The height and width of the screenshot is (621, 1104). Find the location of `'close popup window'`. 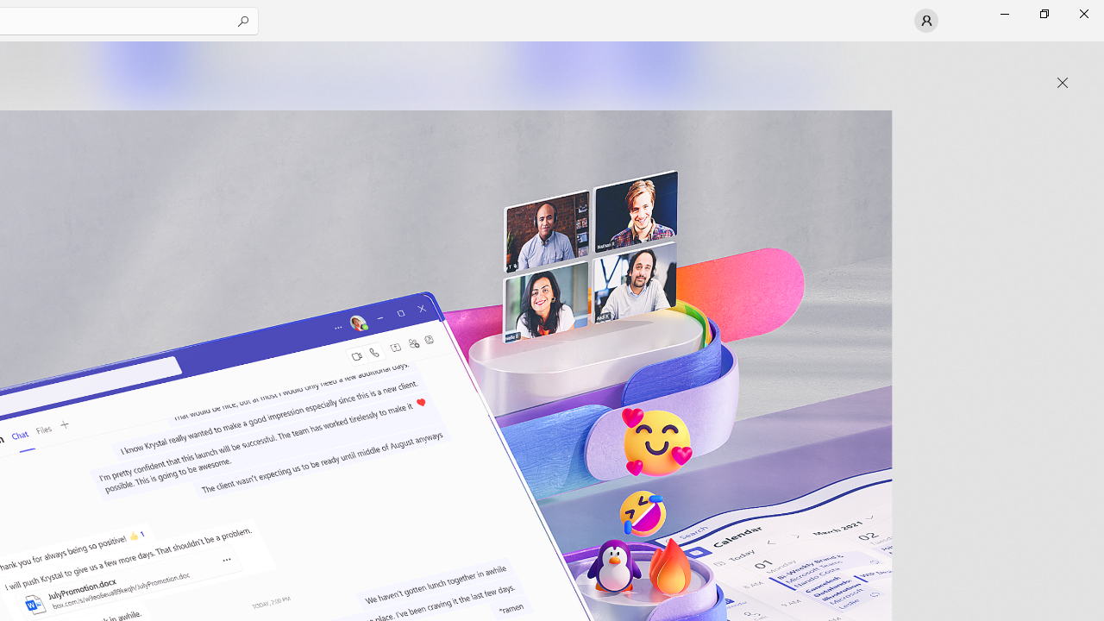

'close popup window' is located at coordinates (1062, 83).